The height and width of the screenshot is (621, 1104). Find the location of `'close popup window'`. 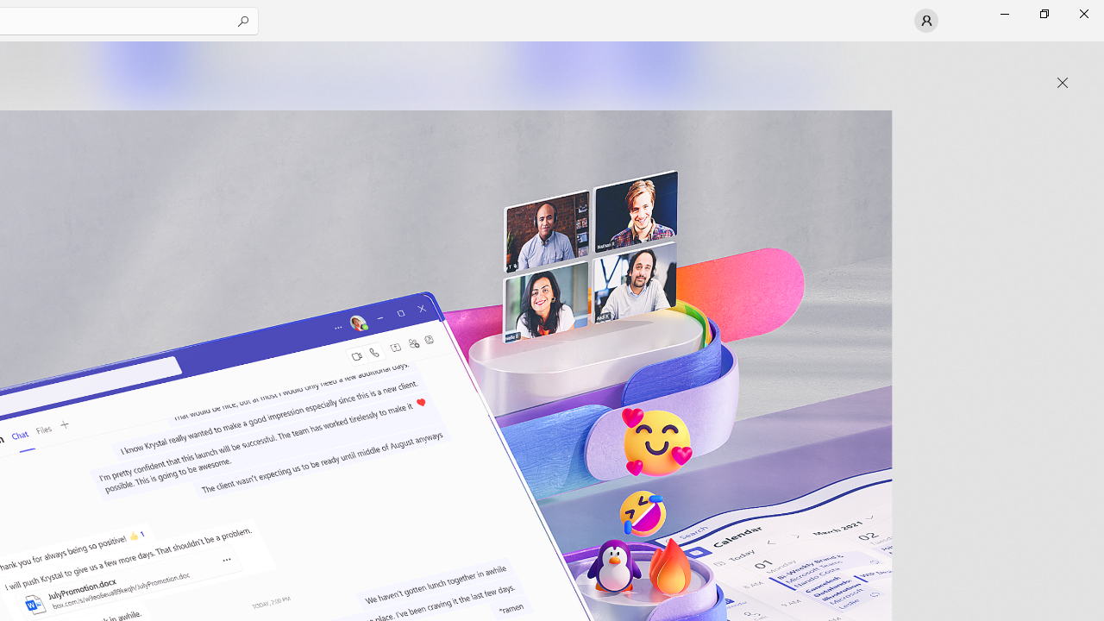

'close popup window' is located at coordinates (1062, 83).